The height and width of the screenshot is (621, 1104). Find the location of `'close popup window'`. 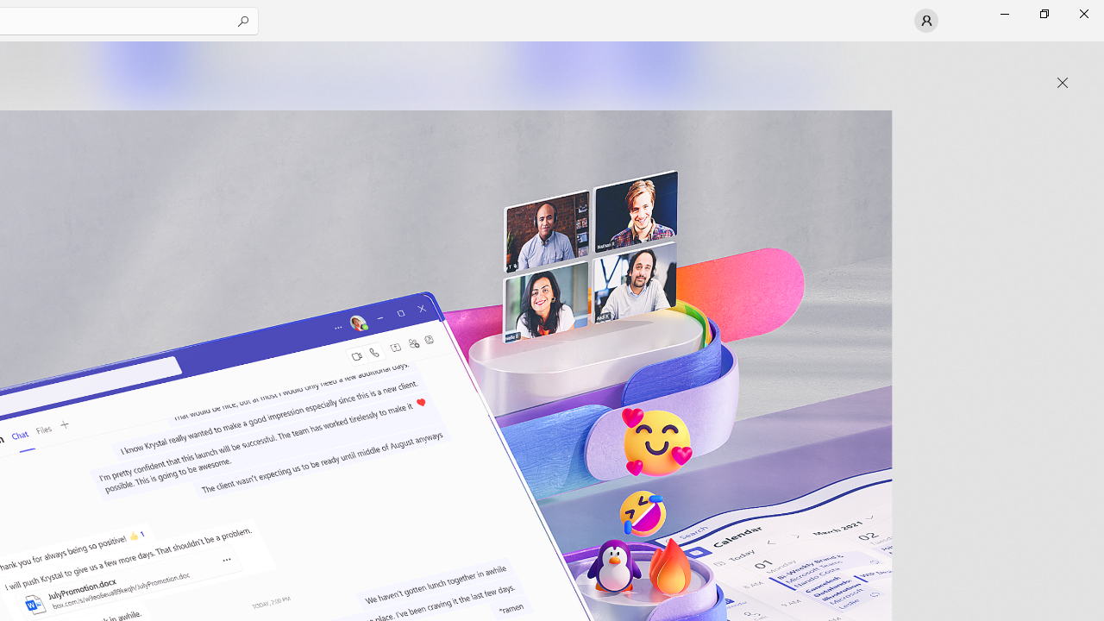

'close popup window' is located at coordinates (1062, 83).